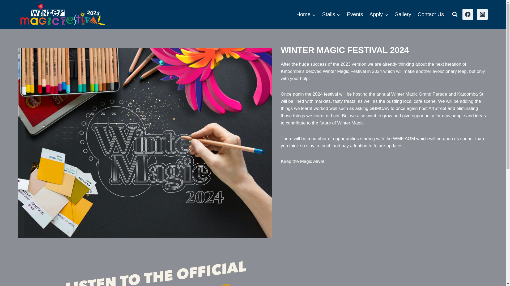 The width and height of the screenshot is (510, 286). Describe the element at coordinates (355, 14) in the screenshot. I see `'Events'` at that location.